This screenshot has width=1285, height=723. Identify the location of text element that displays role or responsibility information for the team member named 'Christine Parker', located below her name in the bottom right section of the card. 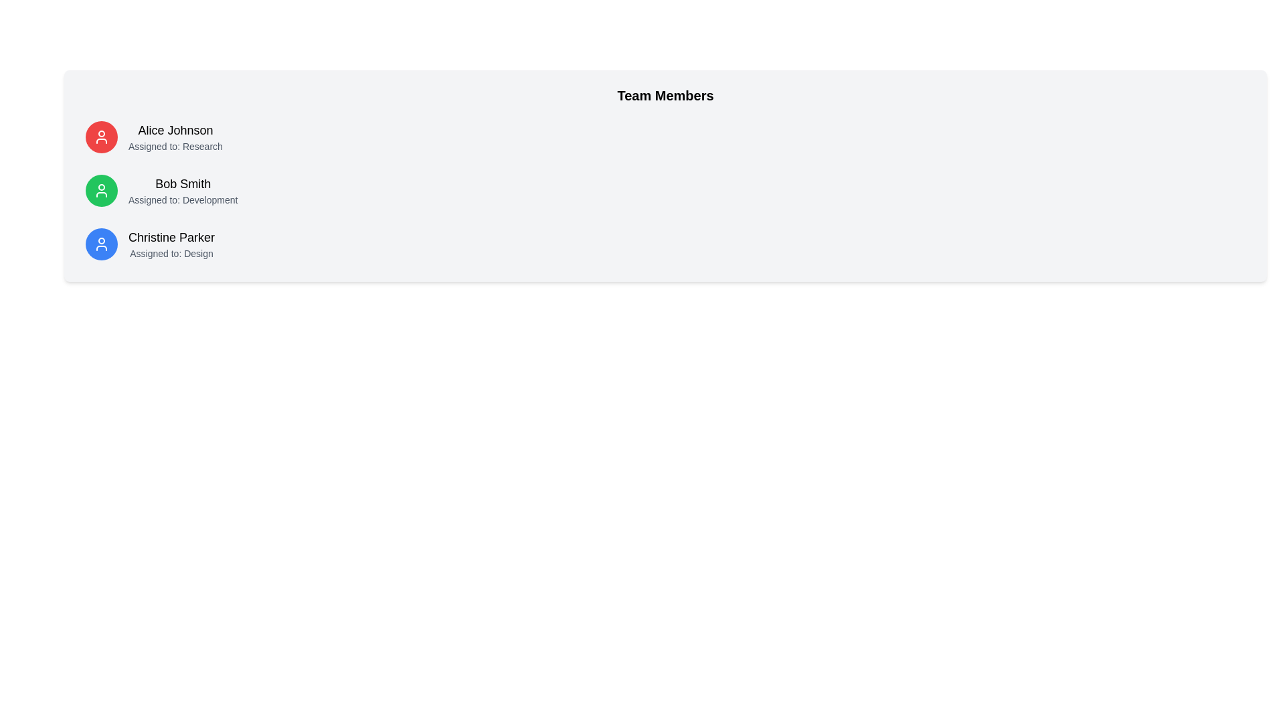
(171, 253).